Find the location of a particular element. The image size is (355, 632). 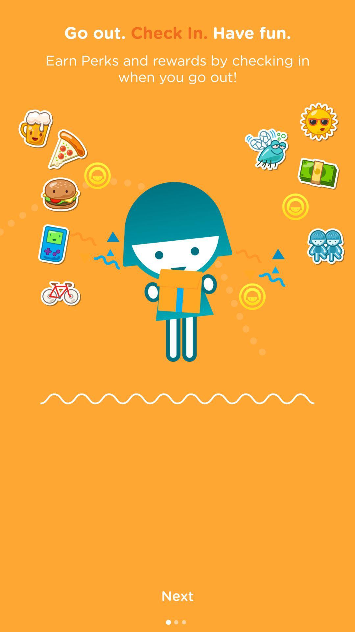

the next item is located at coordinates (177, 595).